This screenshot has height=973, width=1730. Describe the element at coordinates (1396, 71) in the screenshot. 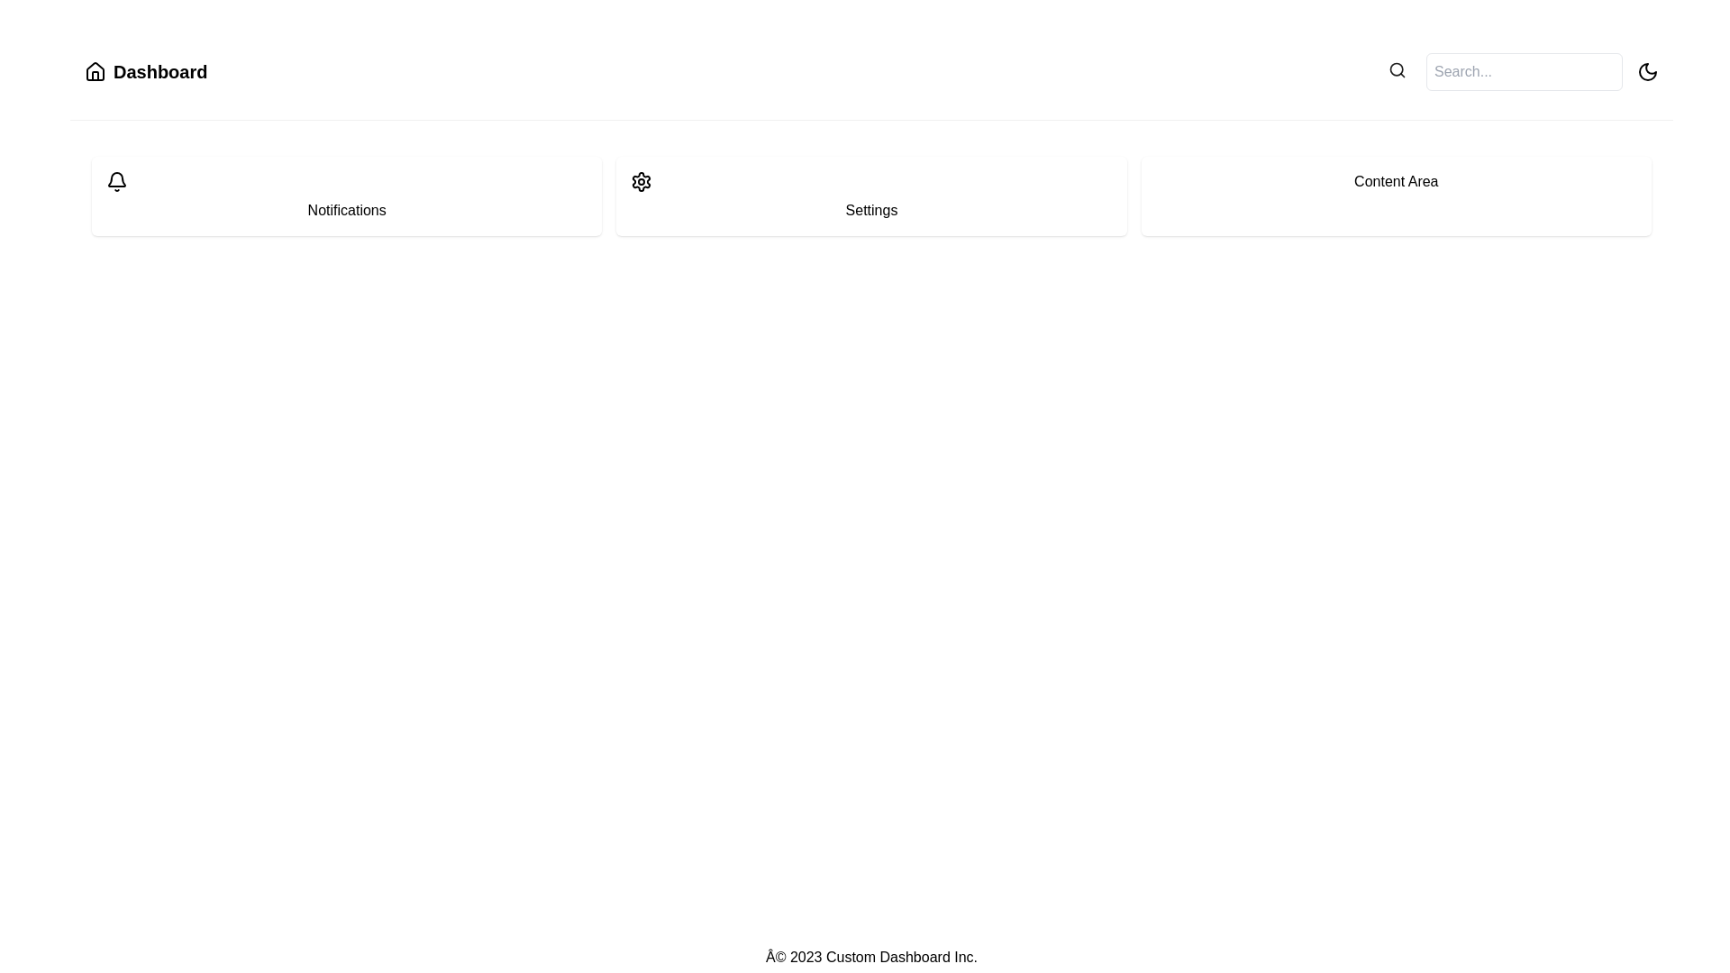

I see `the search button located near the top-right corner of the layout` at that location.